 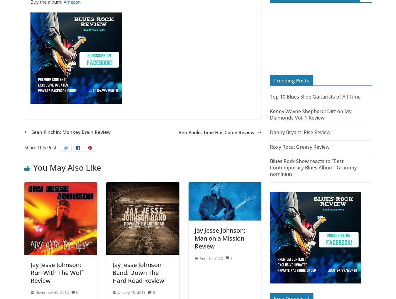 I want to click on 'November 20, 2012', so click(x=52, y=292).